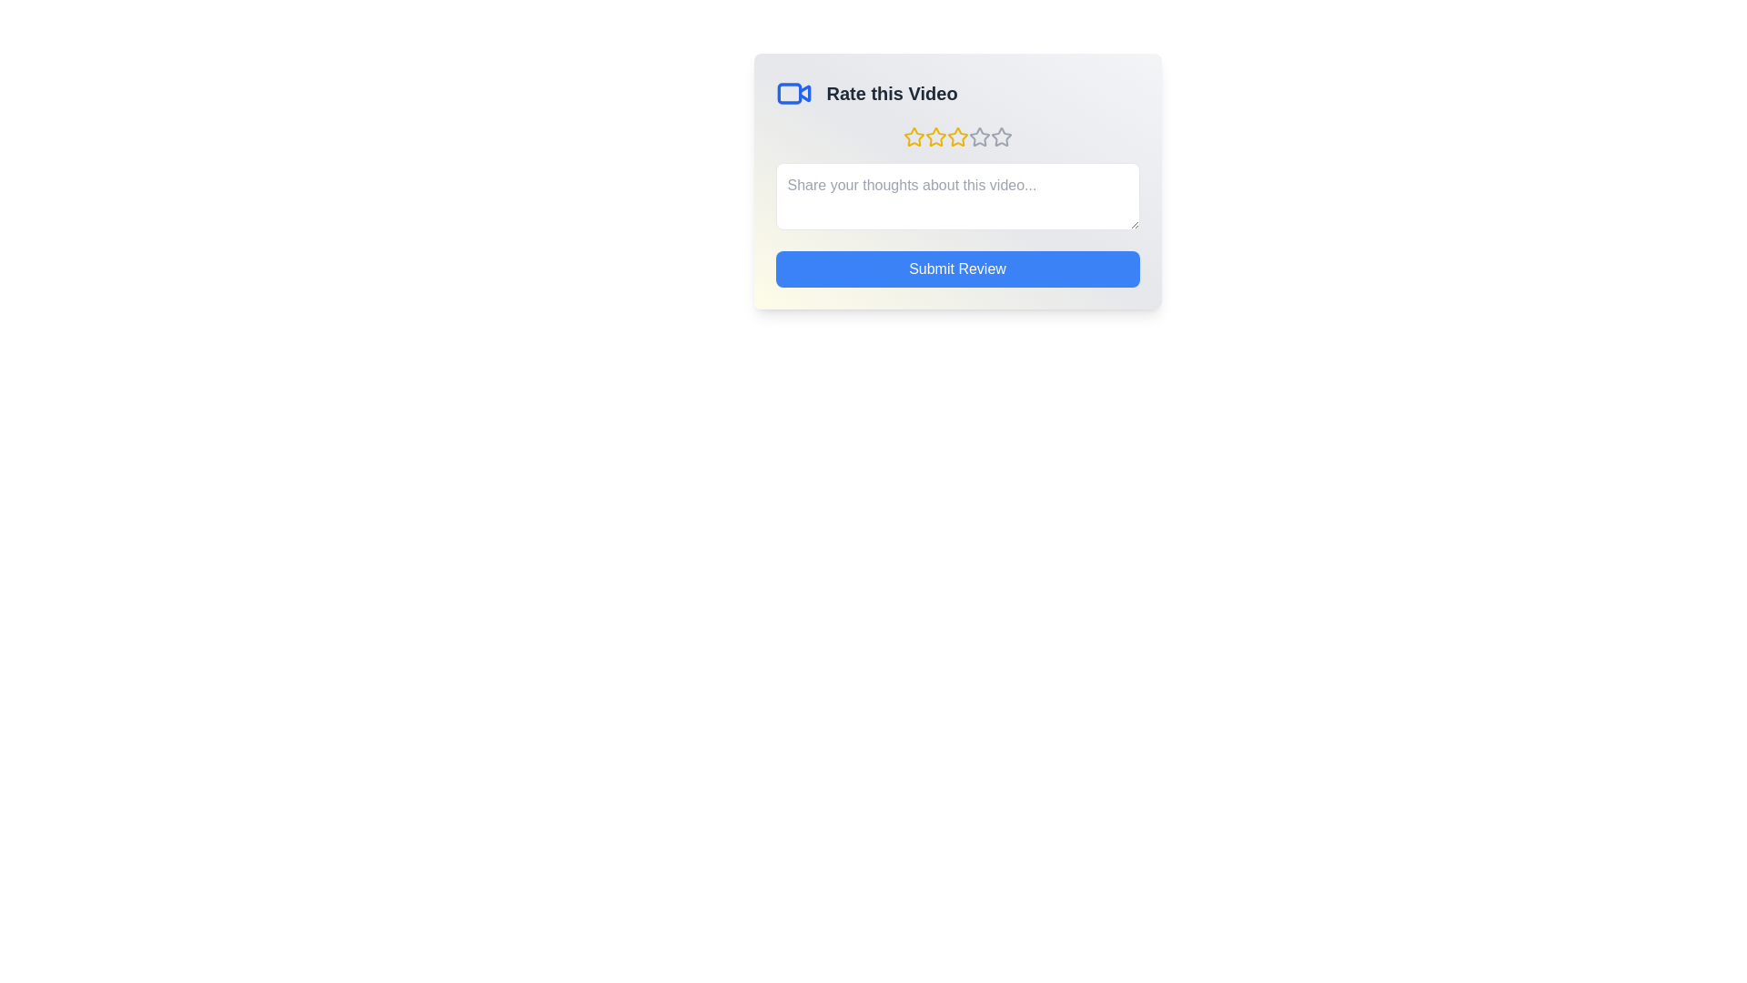 The image size is (1747, 983). What do you see at coordinates (1000, 136) in the screenshot?
I see `the star corresponding to 5 stars to preview the rating` at bounding box center [1000, 136].